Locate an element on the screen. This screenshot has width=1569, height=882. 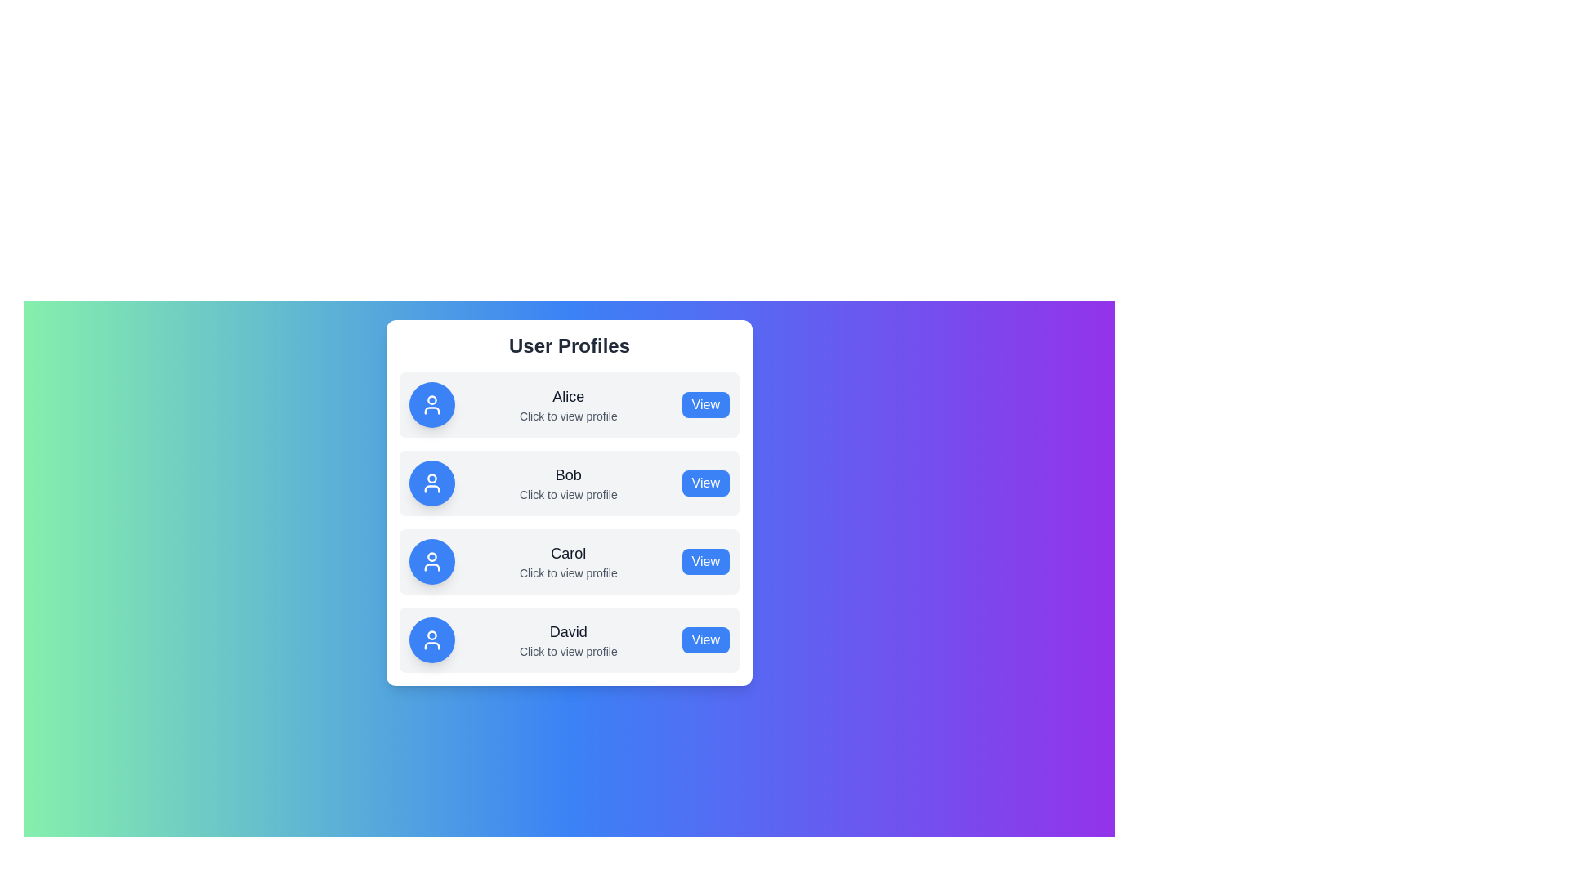
the profile icon representing 'Bob', located on the second row of the user profiles list, to the far left within the profile card, adjacent to the 'View' button is located at coordinates (431, 482).